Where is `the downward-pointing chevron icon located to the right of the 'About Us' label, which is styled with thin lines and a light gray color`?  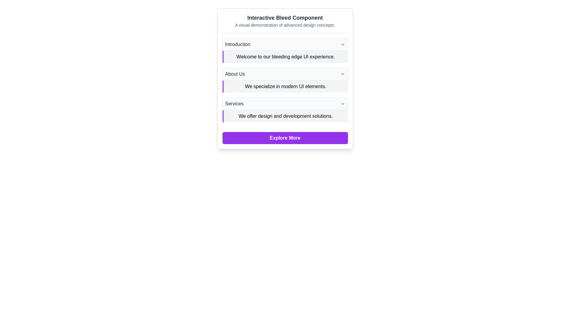 the downward-pointing chevron icon located to the right of the 'About Us' label, which is styled with thin lines and a light gray color is located at coordinates (343, 74).